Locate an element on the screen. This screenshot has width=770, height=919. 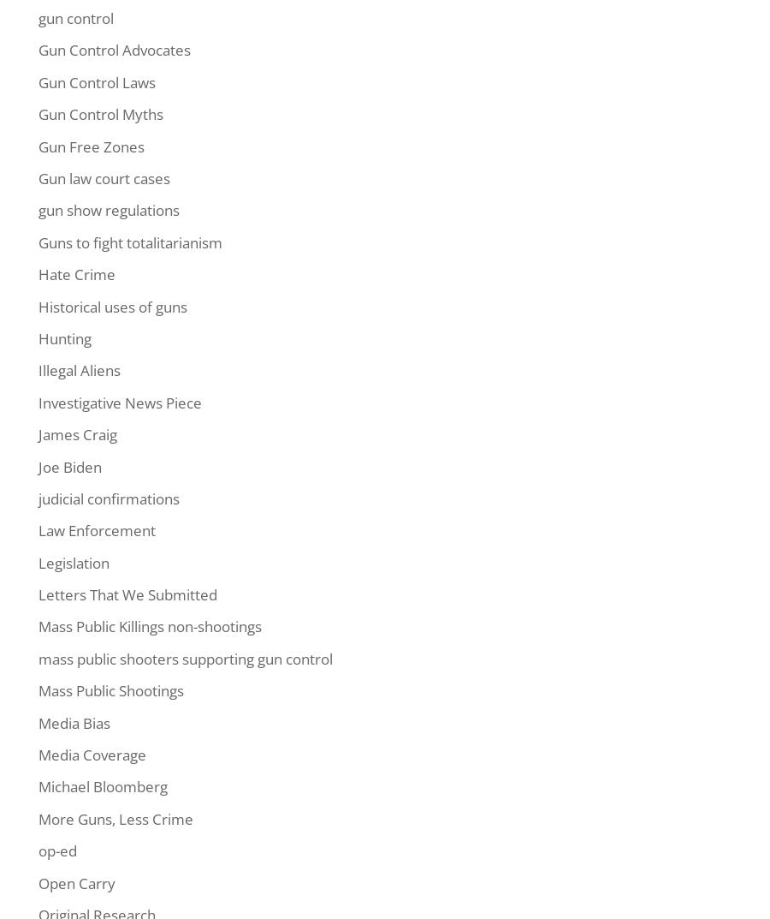
'Gun Control Myths' is located at coordinates (38, 113).